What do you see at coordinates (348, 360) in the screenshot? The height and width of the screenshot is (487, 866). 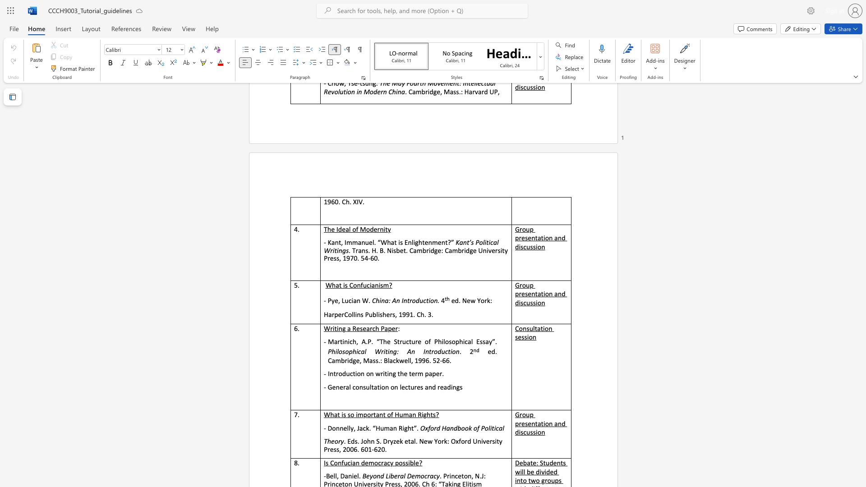 I see `the subset text "dge, Mass.: Blackwell, 1" within the text "ed. Cambridge, Mass.: Blackwell, 1996. 52-66."` at bounding box center [348, 360].